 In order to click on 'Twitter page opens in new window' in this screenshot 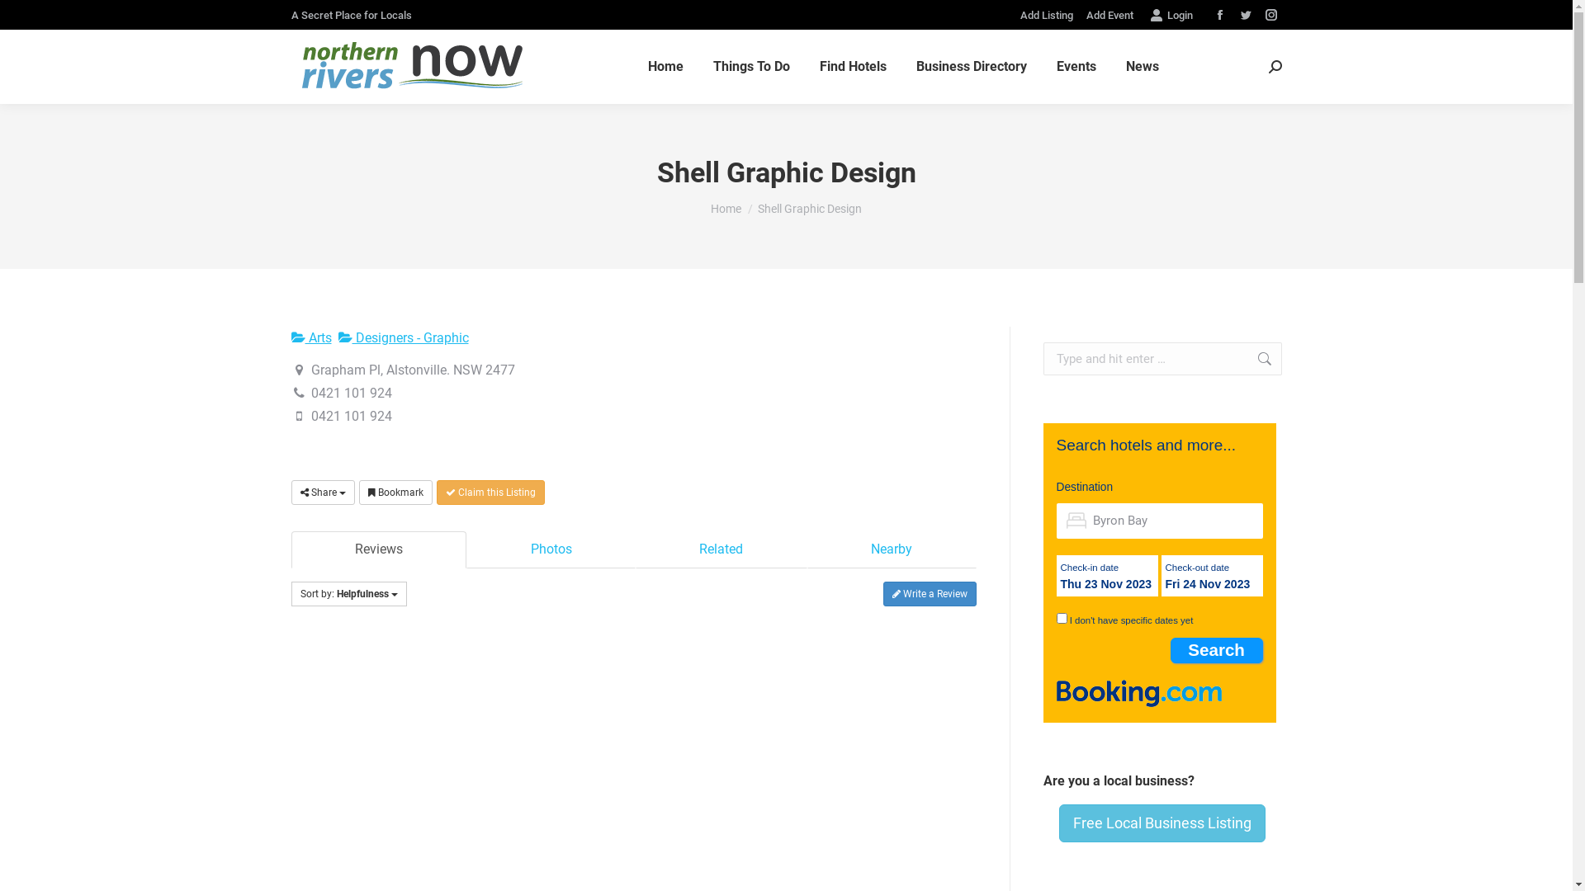, I will do `click(1235, 15)`.